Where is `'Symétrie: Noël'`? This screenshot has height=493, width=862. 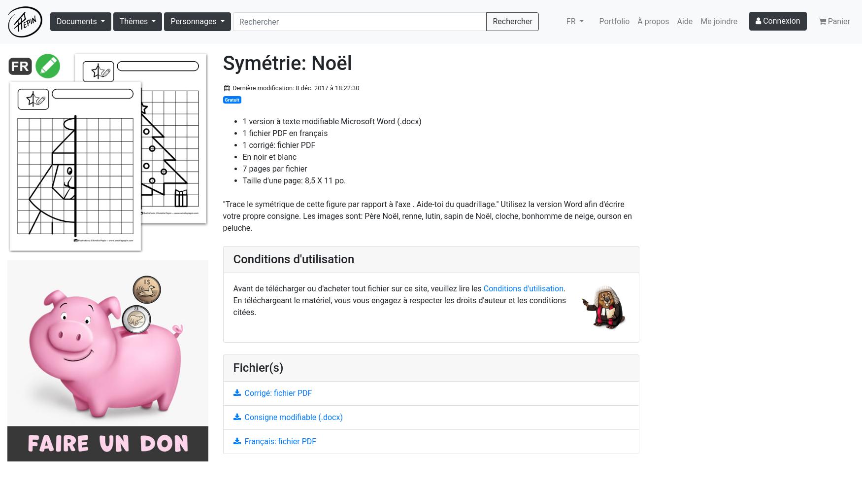
'Symétrie: Noël' is located at coordinates (287, 63).